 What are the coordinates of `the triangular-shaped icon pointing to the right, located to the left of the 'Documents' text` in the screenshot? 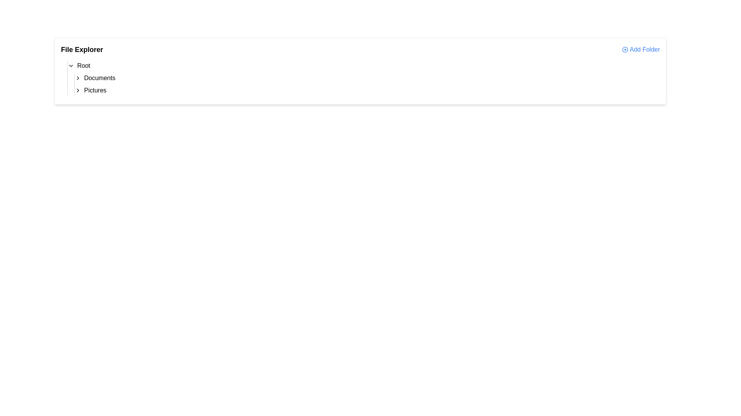 It's located at (78, 78).